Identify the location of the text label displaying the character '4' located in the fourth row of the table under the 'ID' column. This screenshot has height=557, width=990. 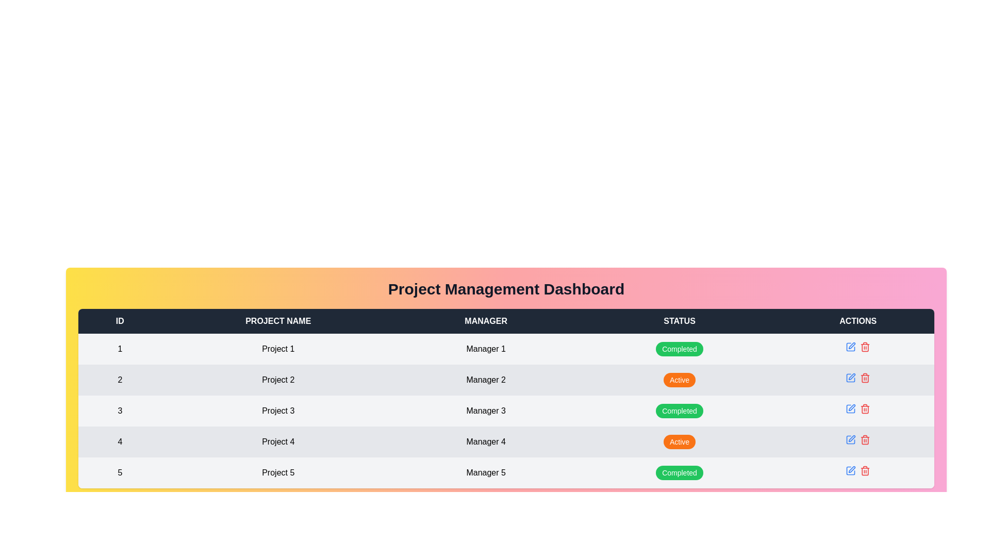
(120, 441).